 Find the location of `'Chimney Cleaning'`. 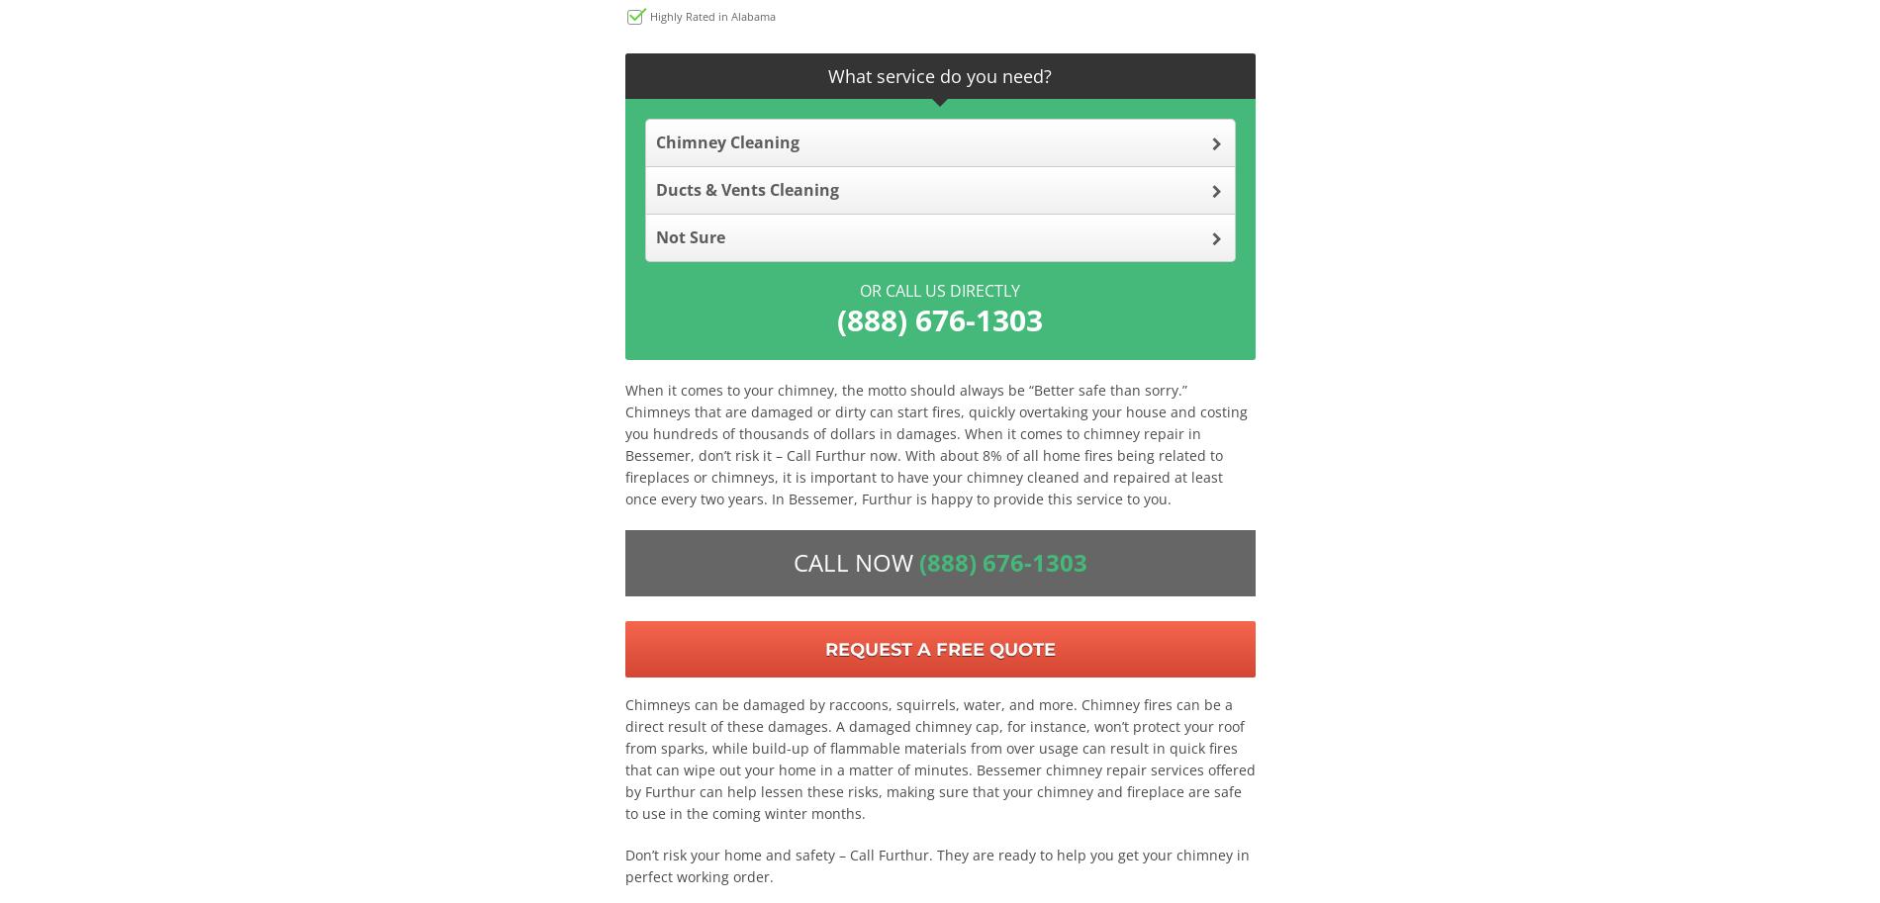

'Chimney Cleaning' is located at coordinates (725, 139).